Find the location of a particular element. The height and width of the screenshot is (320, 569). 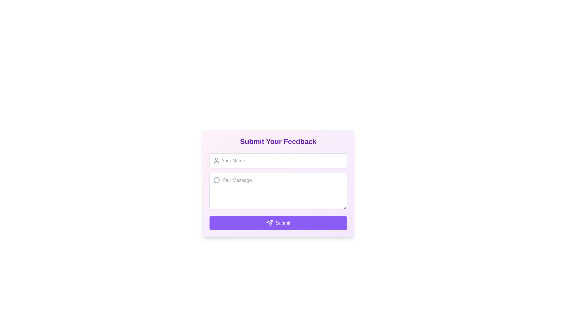

the Text label at the top of the feedback section, which indicates the purpose of the form to users is located at coordinates (278, 142).